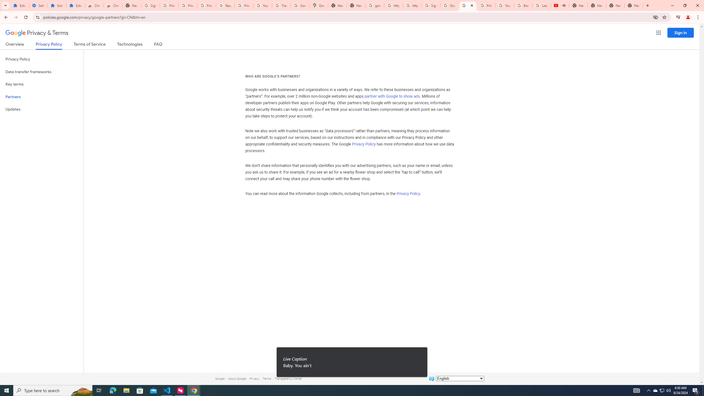 The width and height of the screenshot is (704, 396). What do you see at coordinates (504, 5) in the screenshot?
I see `'YouTube'` at bounding box center [504, 5].